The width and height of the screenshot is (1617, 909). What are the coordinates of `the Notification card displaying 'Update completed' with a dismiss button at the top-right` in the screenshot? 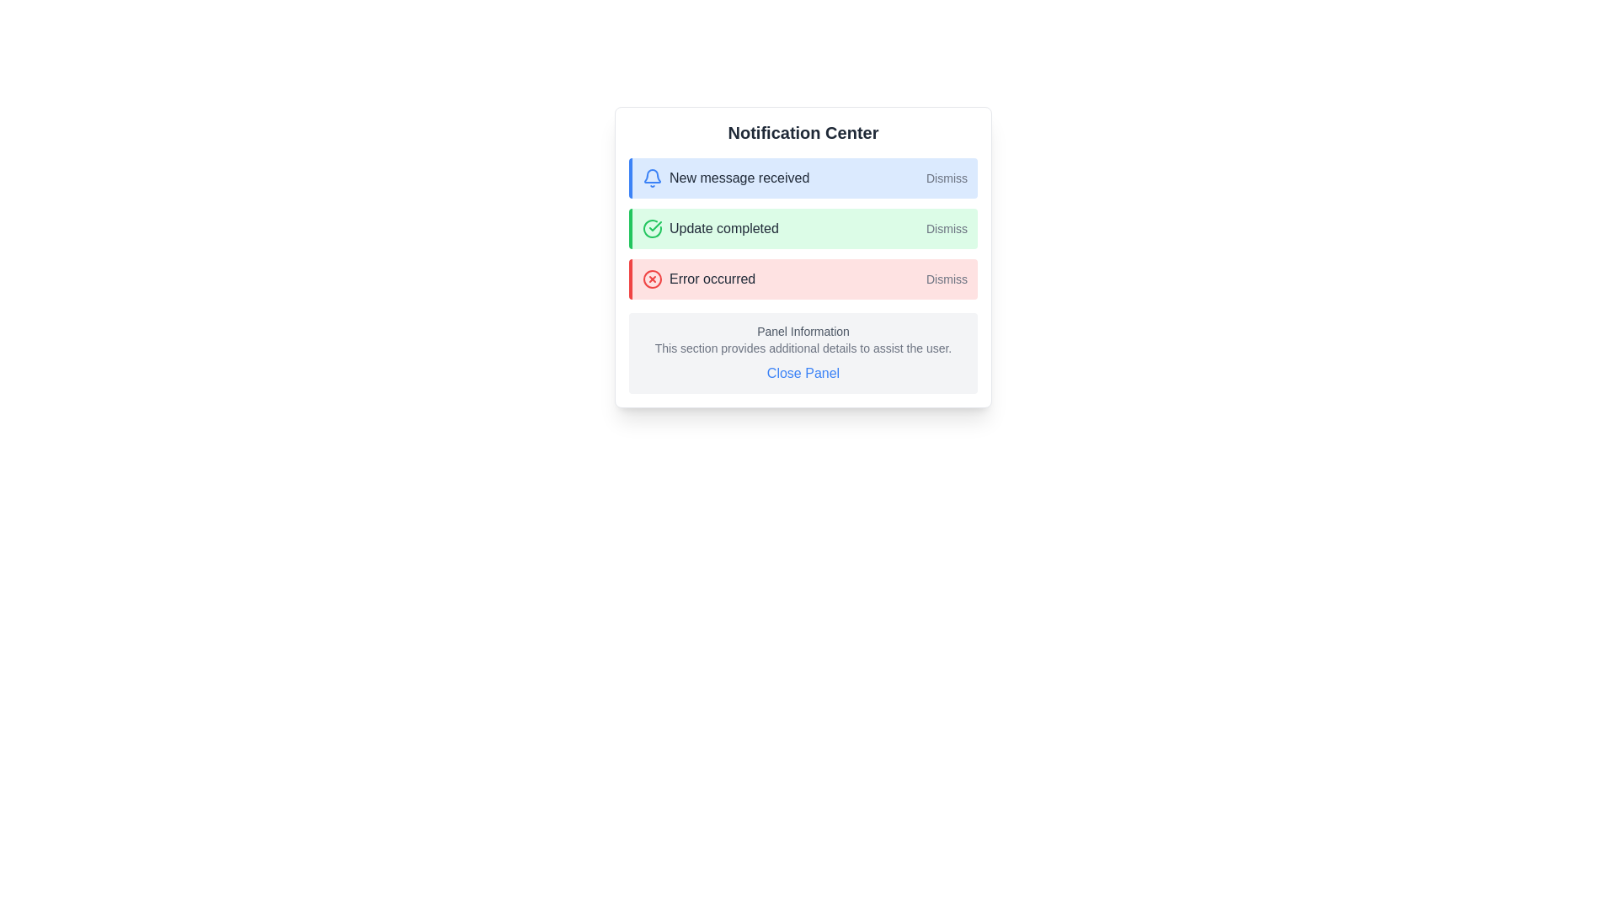 It's located at (803, 257).